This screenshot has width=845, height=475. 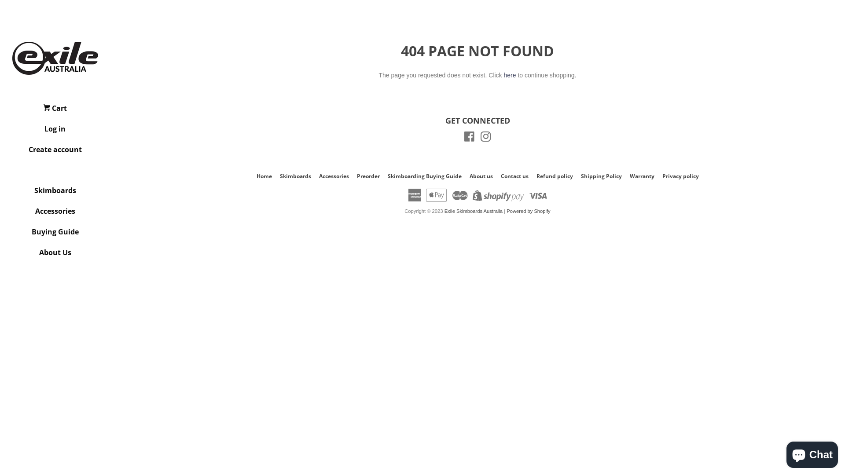 What do you see at coordinates (295, 176) in the screenshot?
I see `'Skimboards'` at bounding box center [295, 176].